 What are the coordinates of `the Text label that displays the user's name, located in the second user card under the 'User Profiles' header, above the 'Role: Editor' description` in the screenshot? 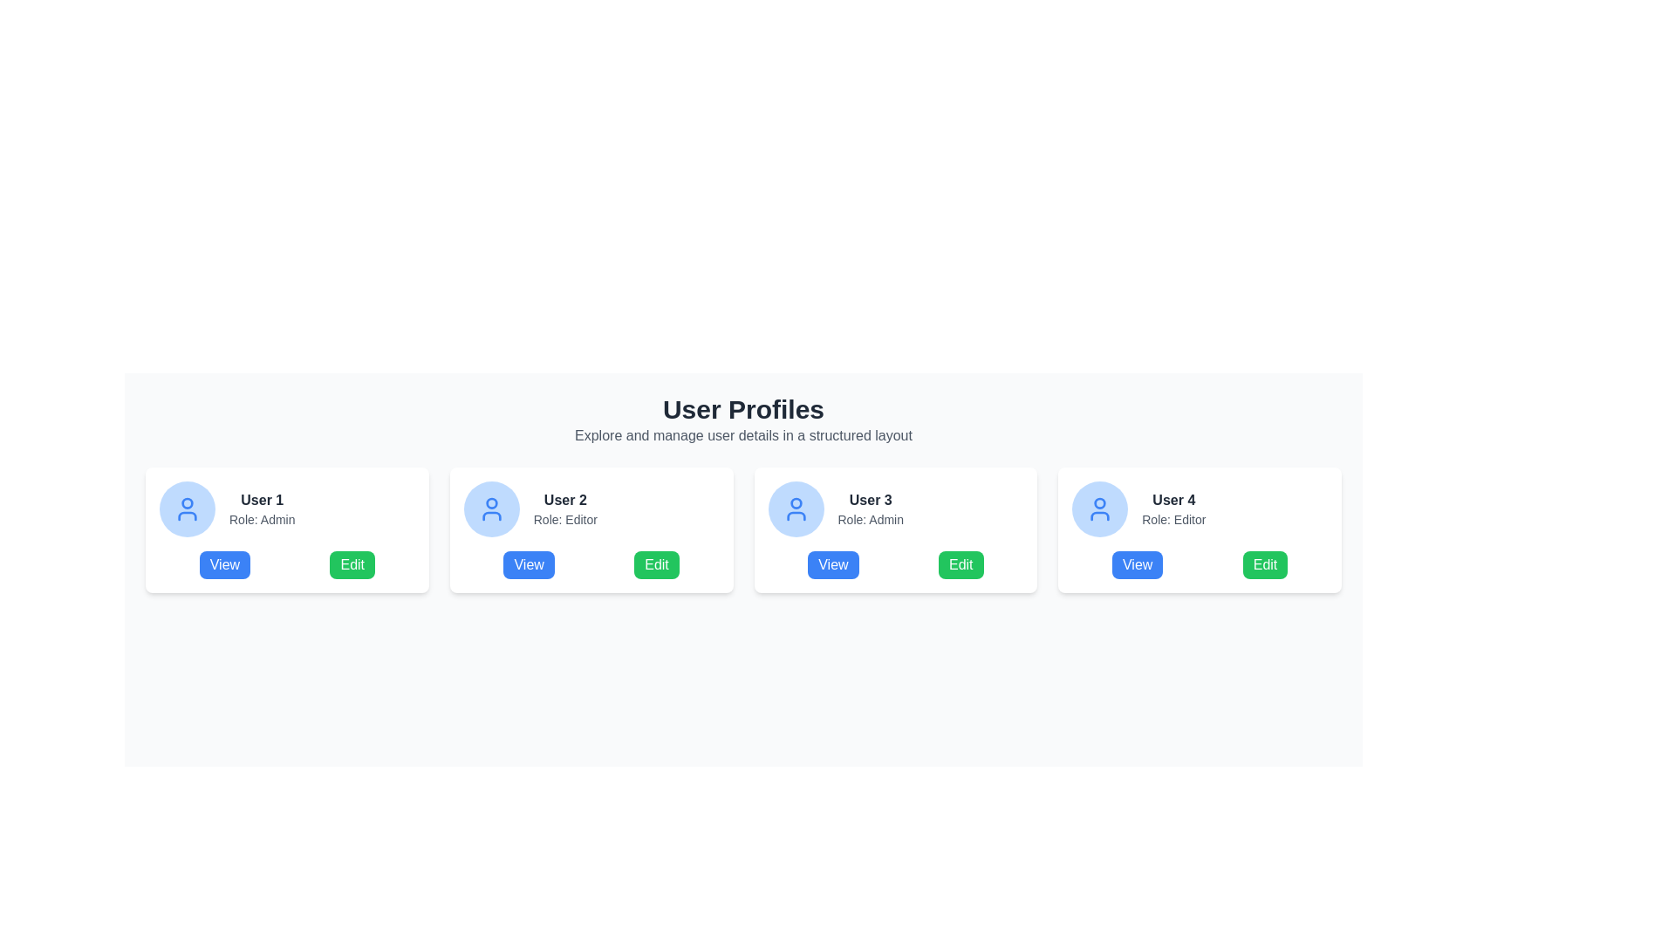 It's located at (565, 501).